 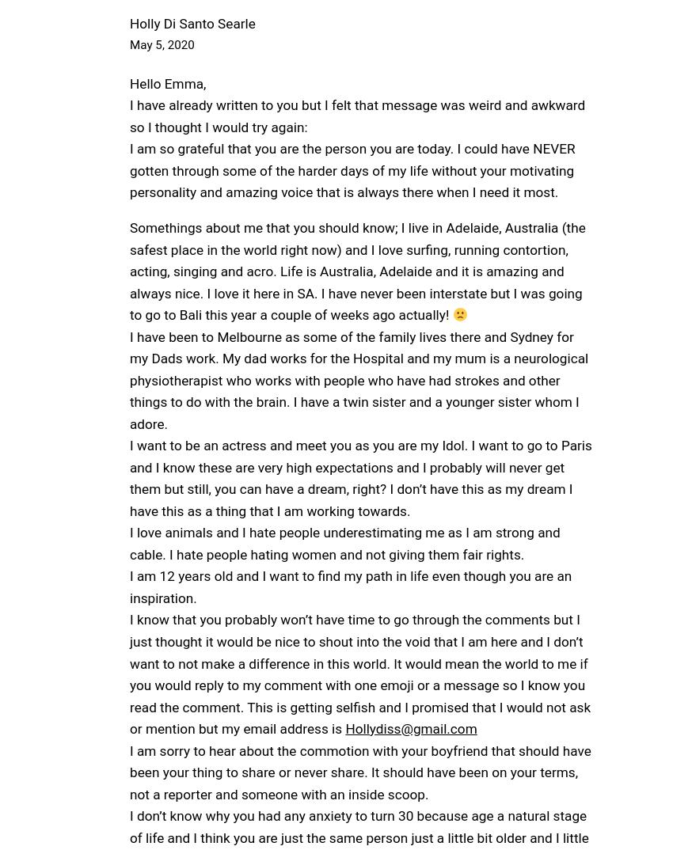 I want to click on 'I know that you probably won’t have time to go through the comments but I just thought it would be nice to shout into the void that I am here and I don’t want to not make a difference in this world. It would mean the world to me if you would reply to my comment with one emoji or a message so I know you read the comment. This is getting selfish and I promised that I would not ask or mention but my email address is', so click(x=359, y=674).